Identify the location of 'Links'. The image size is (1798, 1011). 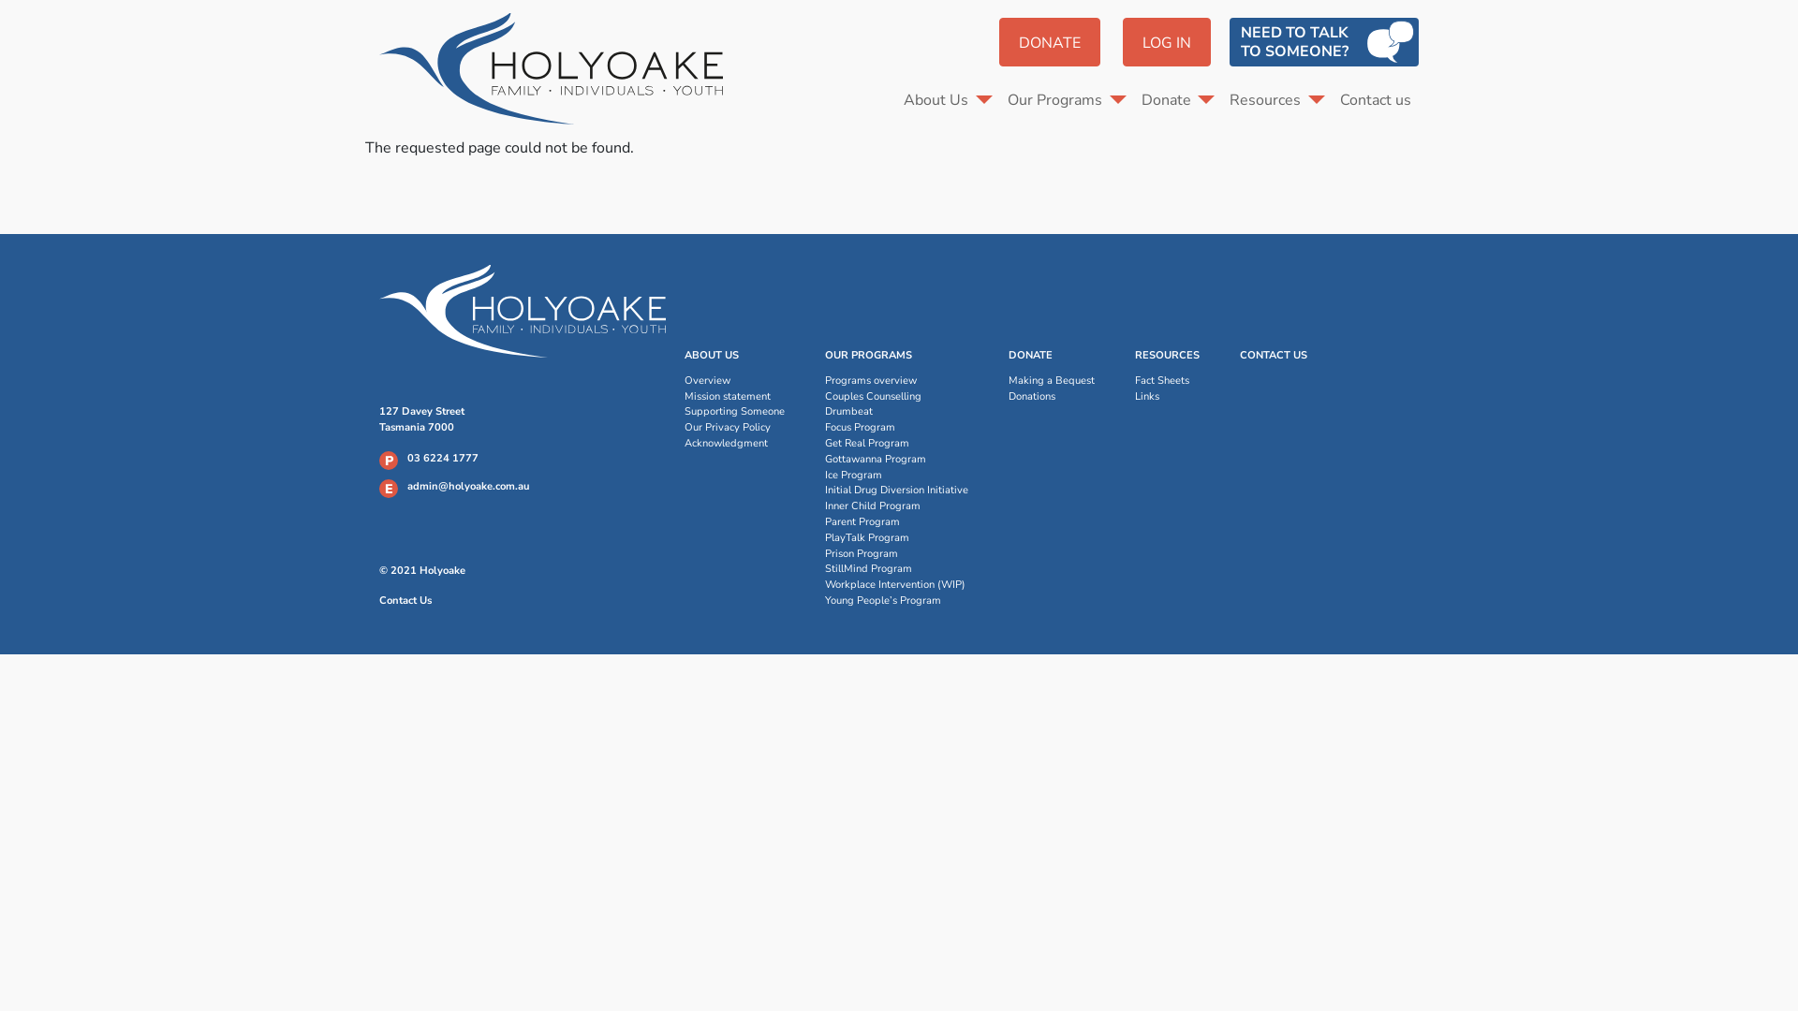
(1166, 396).